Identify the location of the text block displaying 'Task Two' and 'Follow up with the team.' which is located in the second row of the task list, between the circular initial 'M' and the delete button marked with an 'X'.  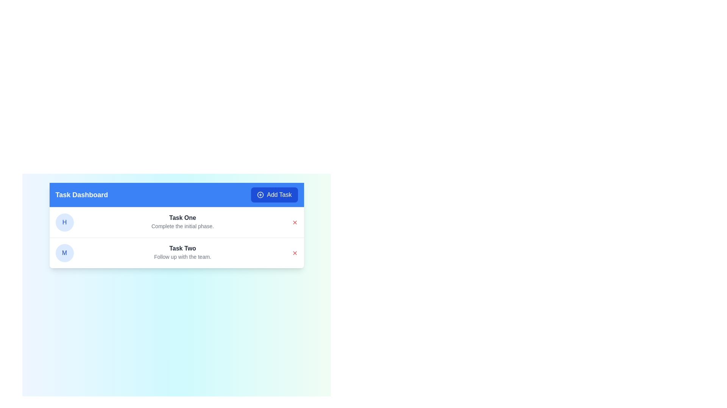
(183, 253).